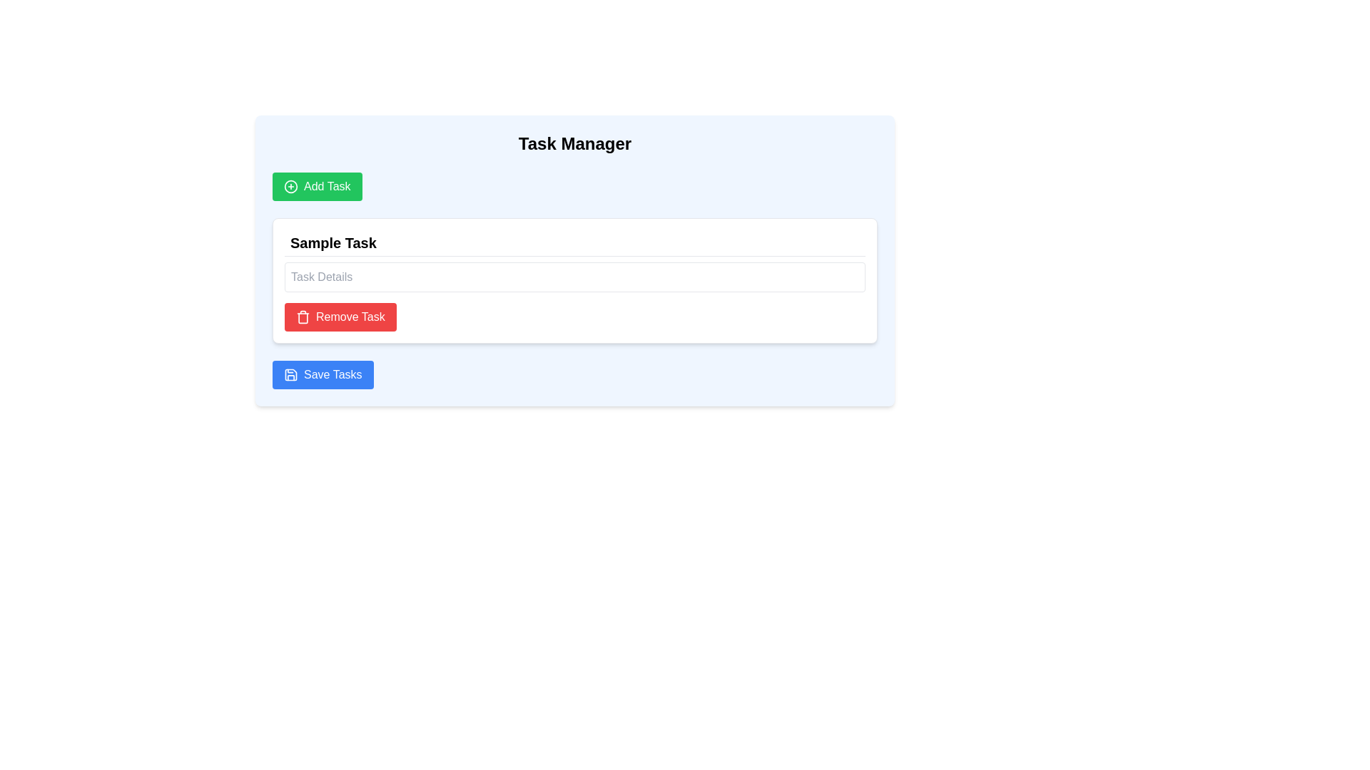 This screenshot has height=770, width=1370. I want to click on the 'Remove Task' label which indicates the action to remove a task entry, located to the right of a trash can icon in the task manager interface, so click(350, 316).